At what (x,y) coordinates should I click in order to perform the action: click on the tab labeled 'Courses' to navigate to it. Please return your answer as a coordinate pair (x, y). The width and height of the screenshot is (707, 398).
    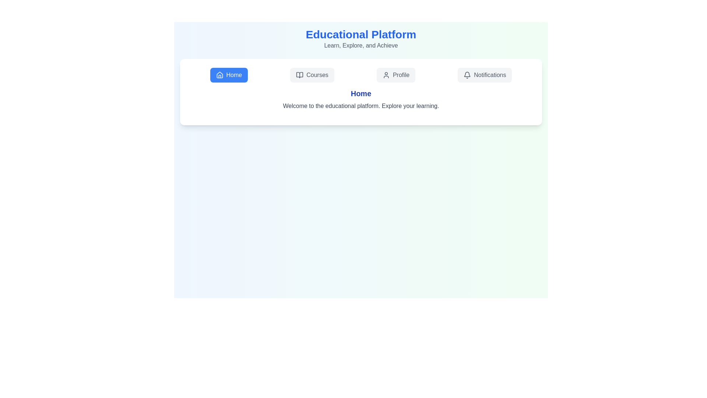
    Looking at the image, I should click on (312, 75).